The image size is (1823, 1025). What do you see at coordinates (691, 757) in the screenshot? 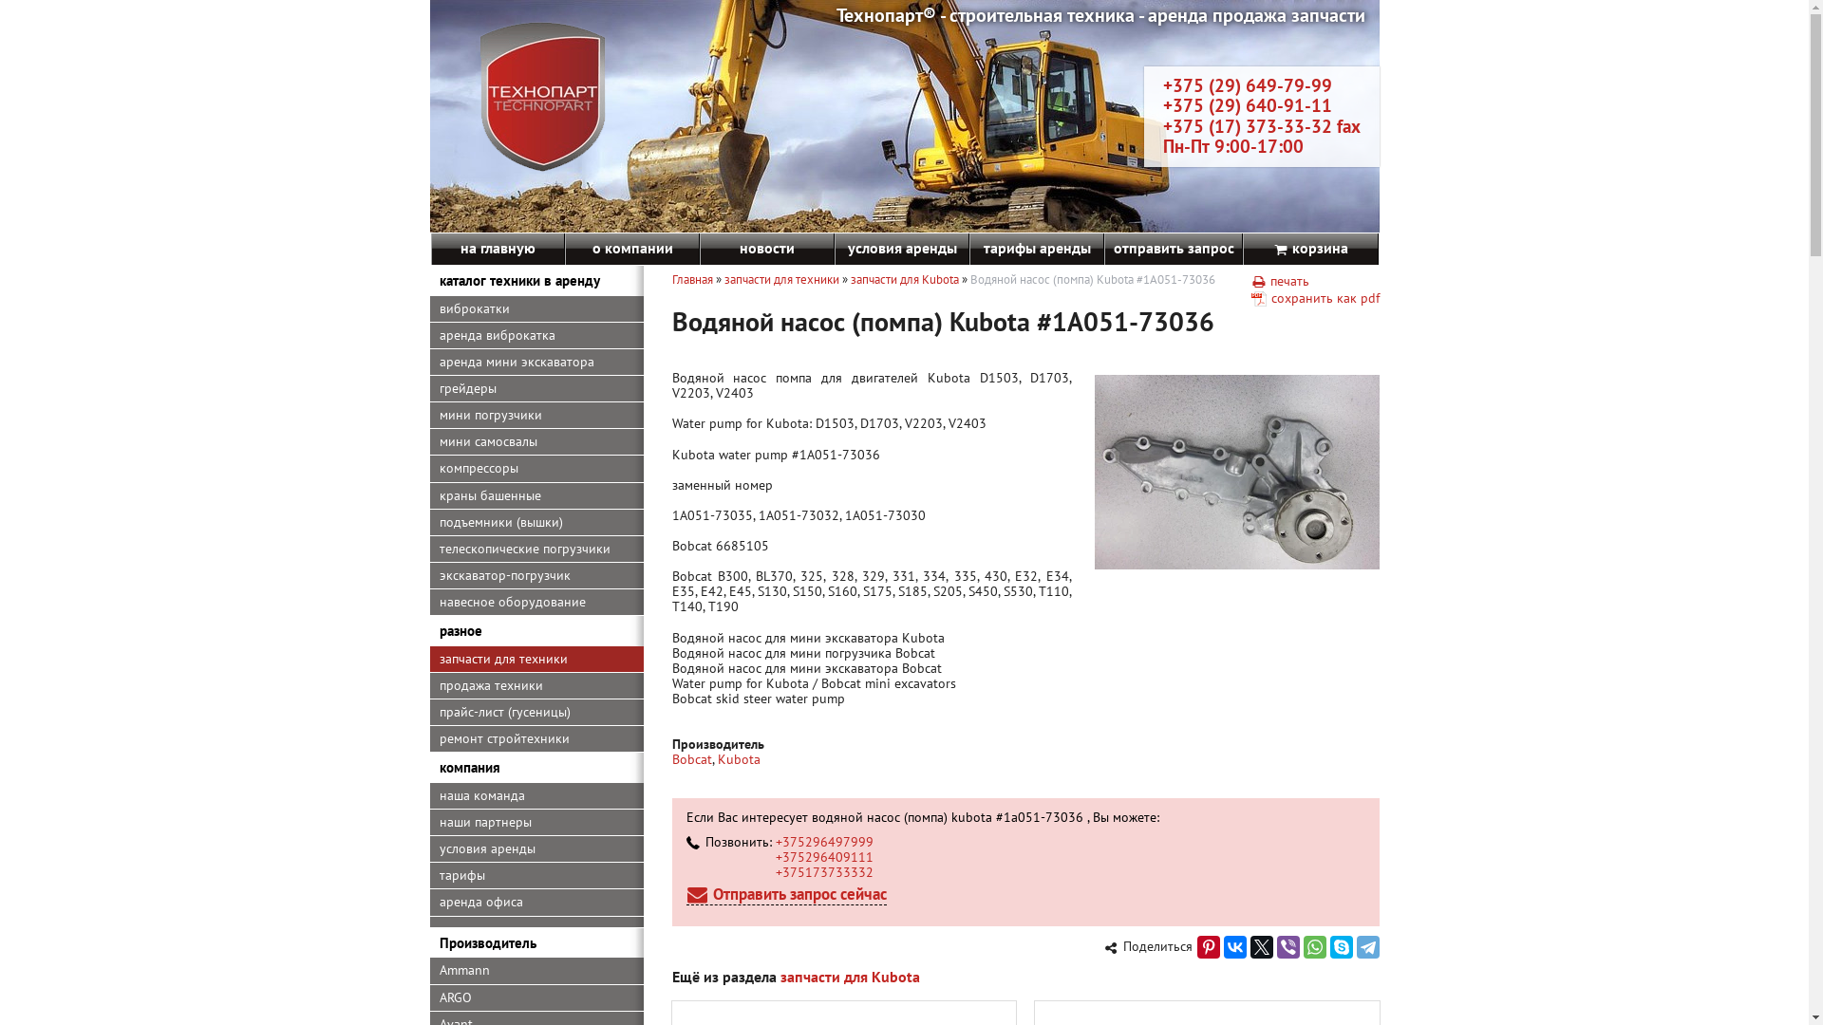
I see `'Bobcat'` at bounding box center [691, 757].